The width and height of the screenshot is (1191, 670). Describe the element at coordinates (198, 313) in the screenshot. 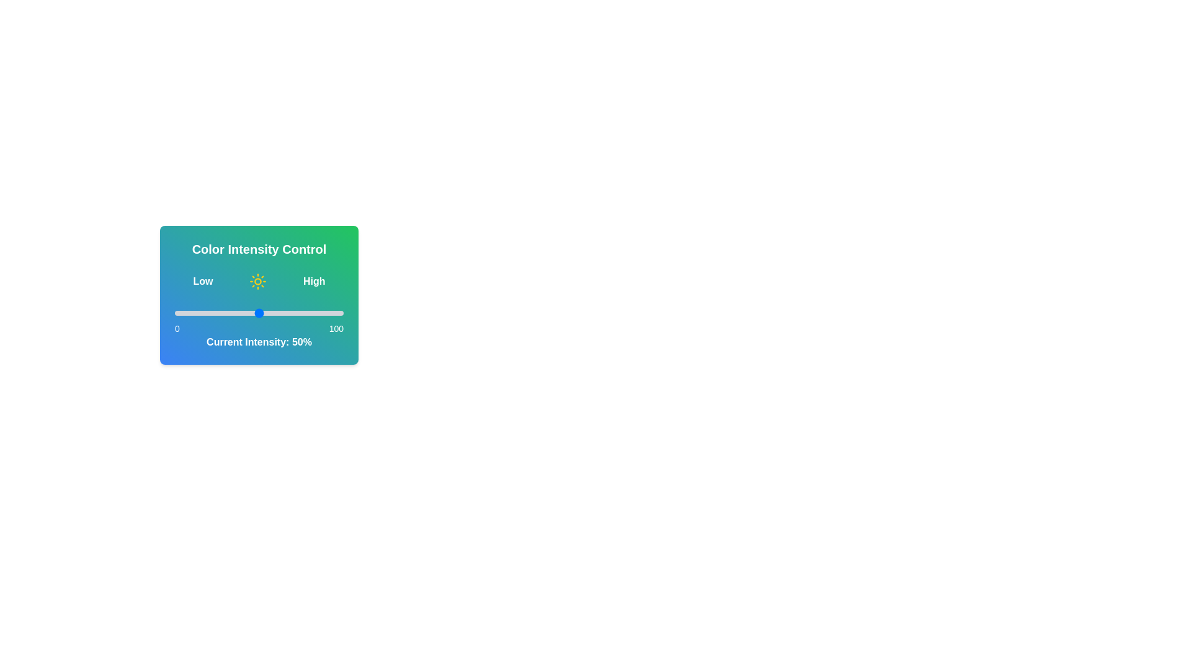

I see `the slider value` at that location.